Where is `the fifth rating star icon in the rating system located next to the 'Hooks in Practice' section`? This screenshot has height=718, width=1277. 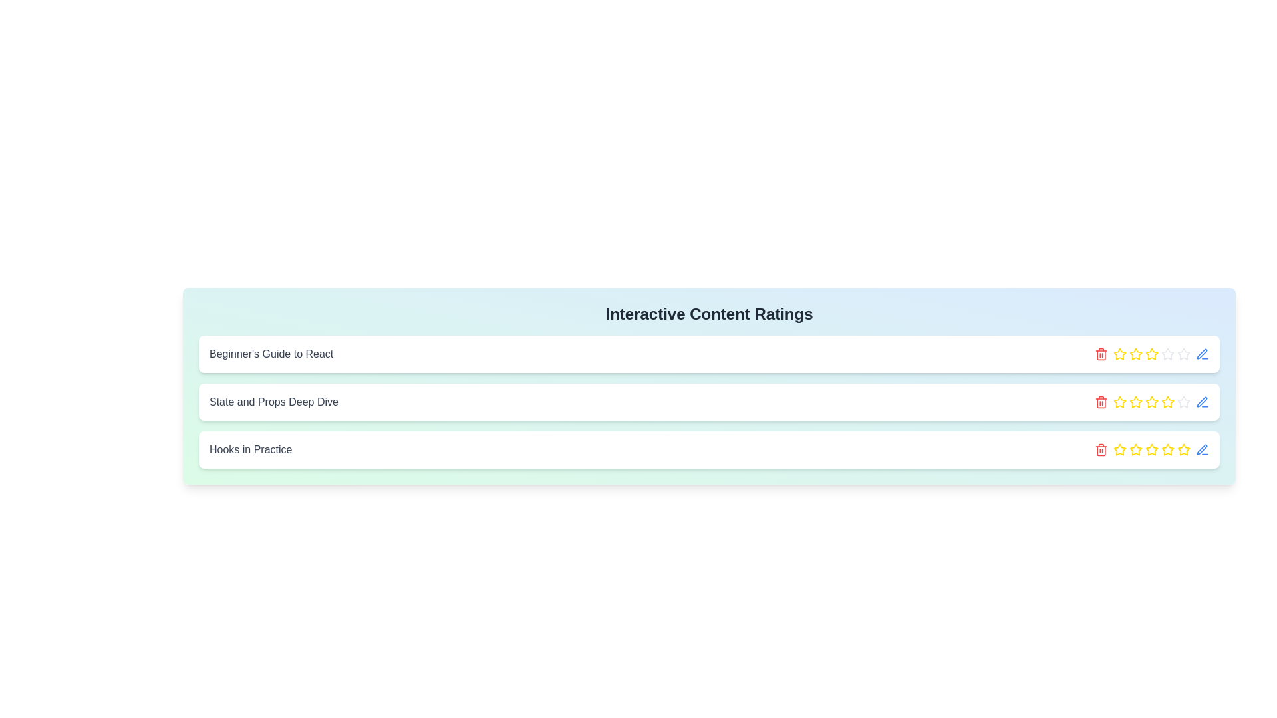
the fifth rating star icon in the rating system located next to the 'Hooks in Practice' section is located at coordinates (1167, 449).